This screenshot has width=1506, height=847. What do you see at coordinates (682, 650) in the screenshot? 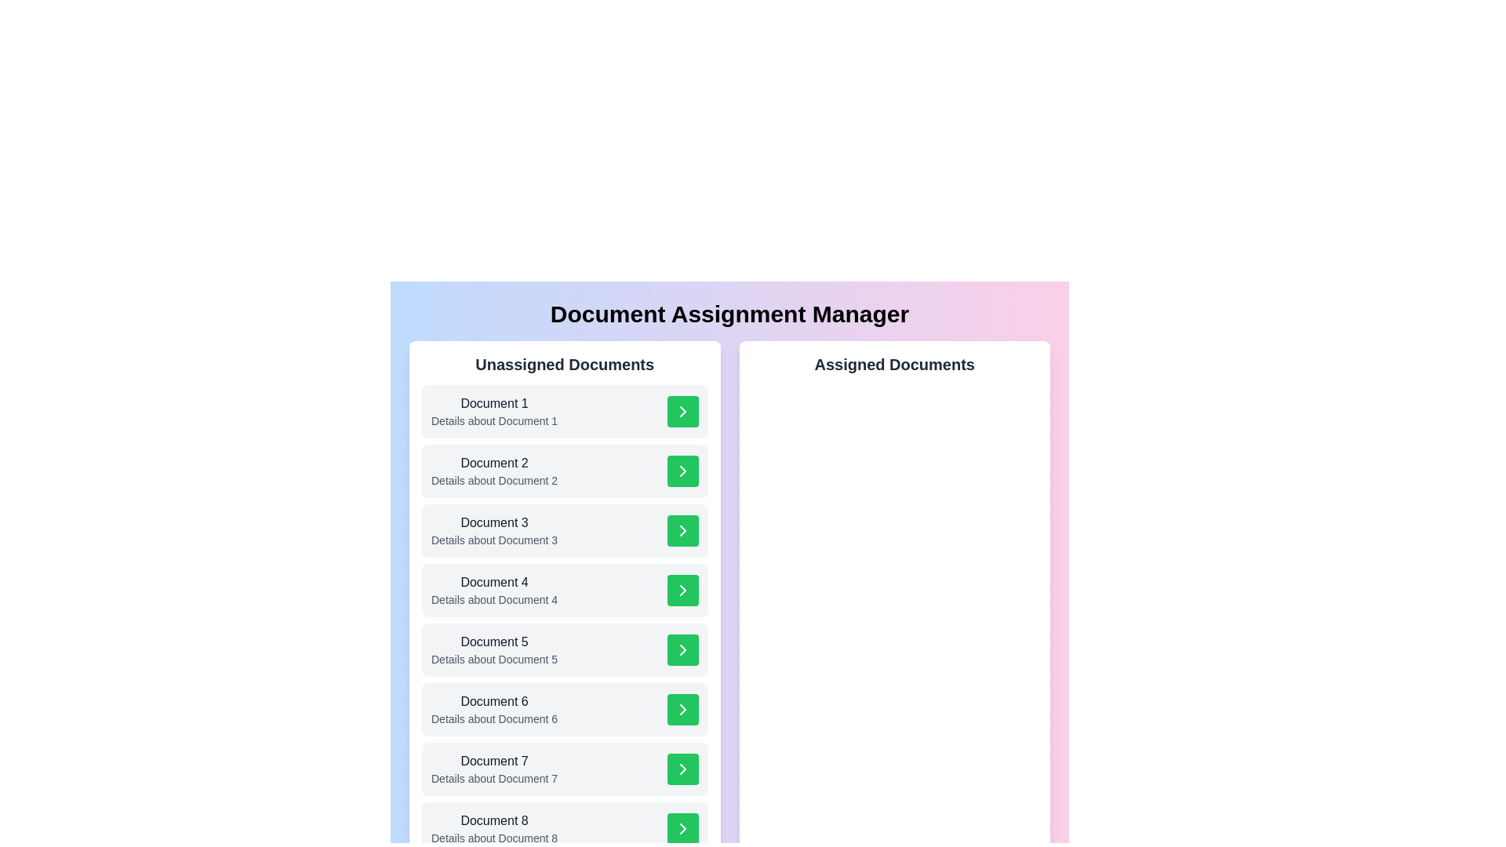
I see `the small green button with rounded corners and a white right-pointing chevron icon, located on the right side of 'Document 5'` at bounding box center [682, 650].